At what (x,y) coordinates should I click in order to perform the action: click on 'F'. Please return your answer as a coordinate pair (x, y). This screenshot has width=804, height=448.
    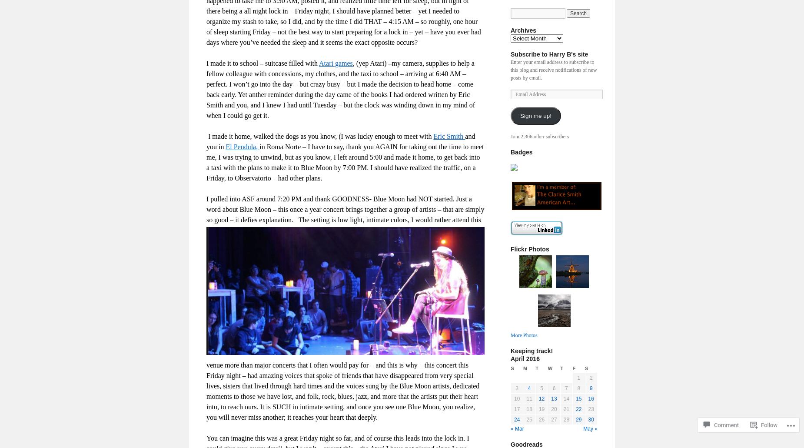
    Looking at the image, I should click on (573, 368).